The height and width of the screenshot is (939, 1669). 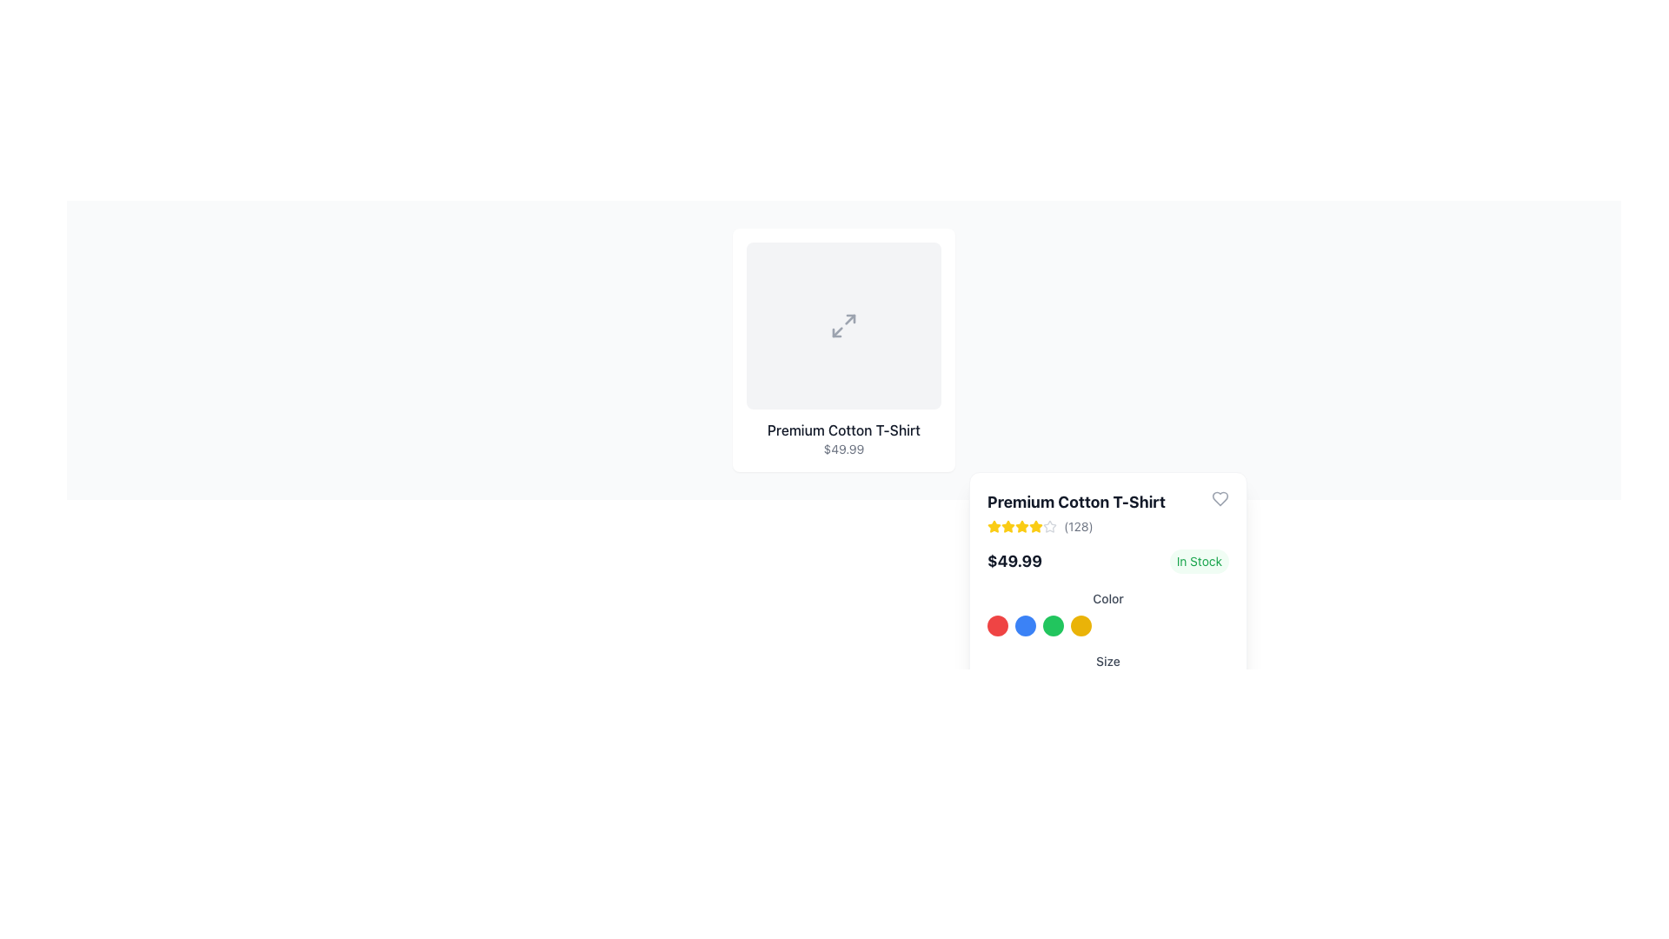 What do you see at coordinates (1022, 525) in the screenshot?
I see `the rating star icon located in the product details section, which indicates user reviews or ratings for the product` at bounding box center [1022, 525].